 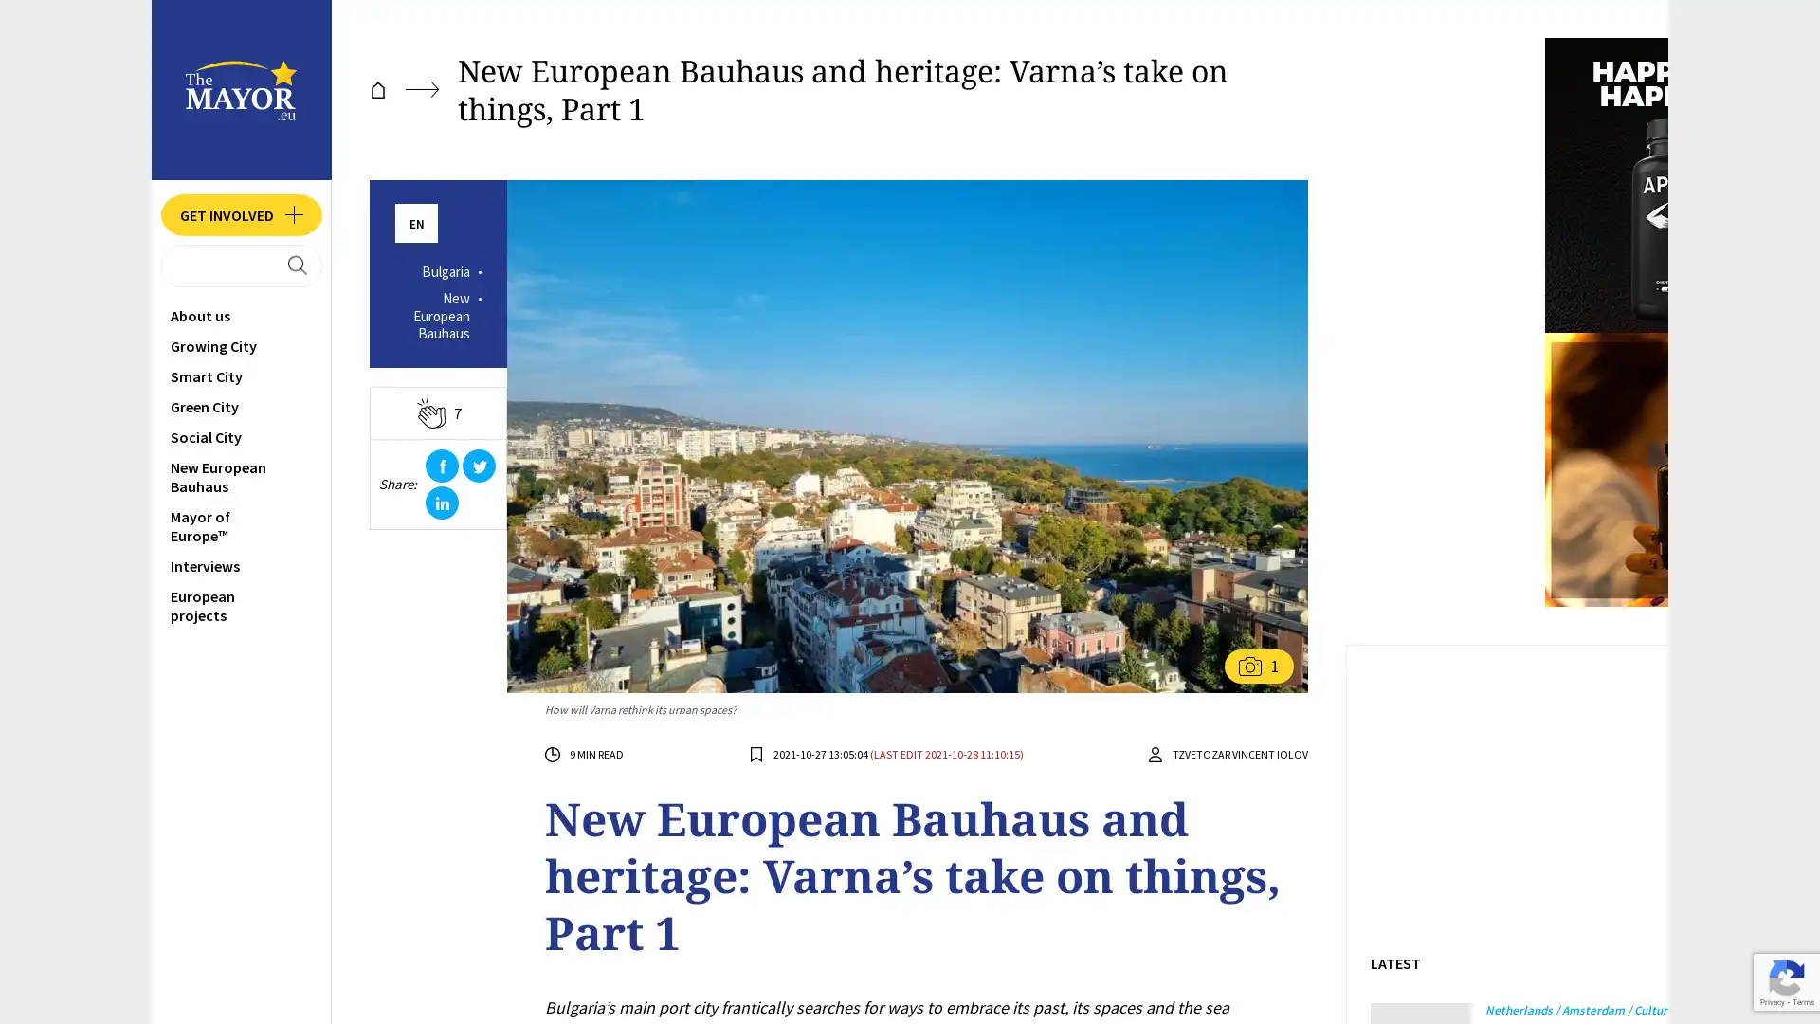 I want to click on menu close, so click(x=148, y=40).